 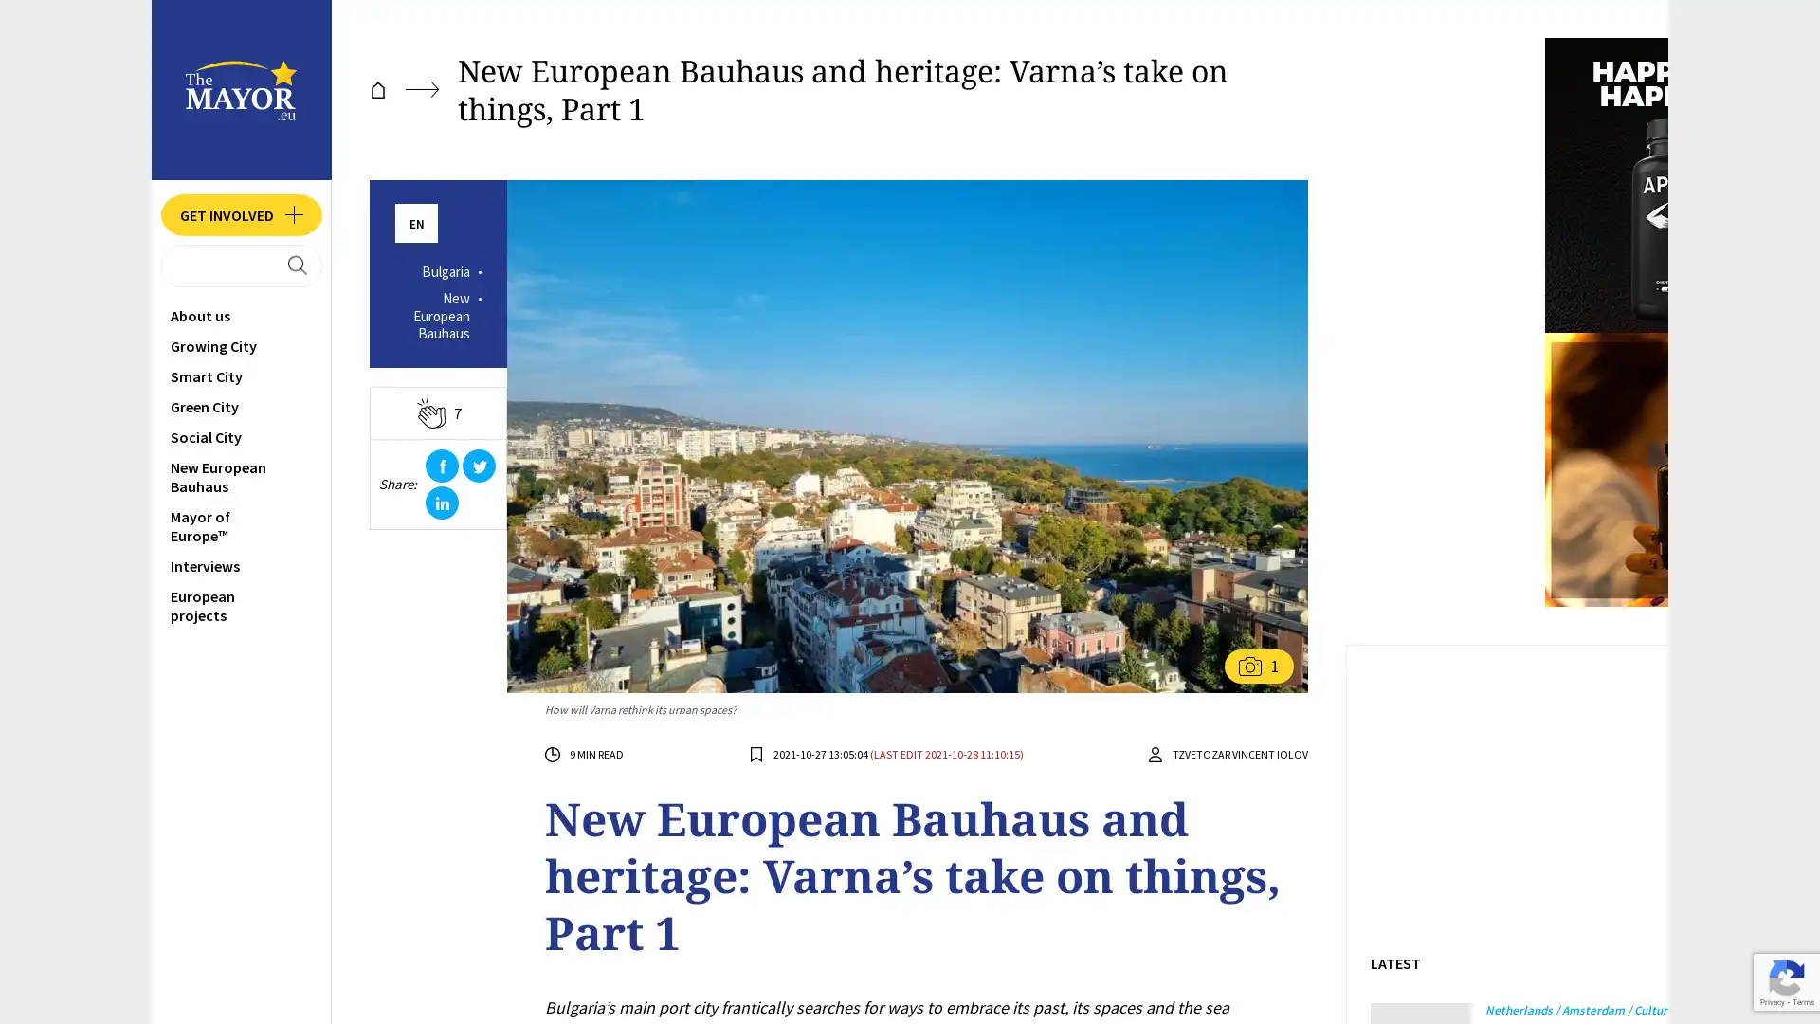 I want to click on menu close, so click(x=148, y=40).